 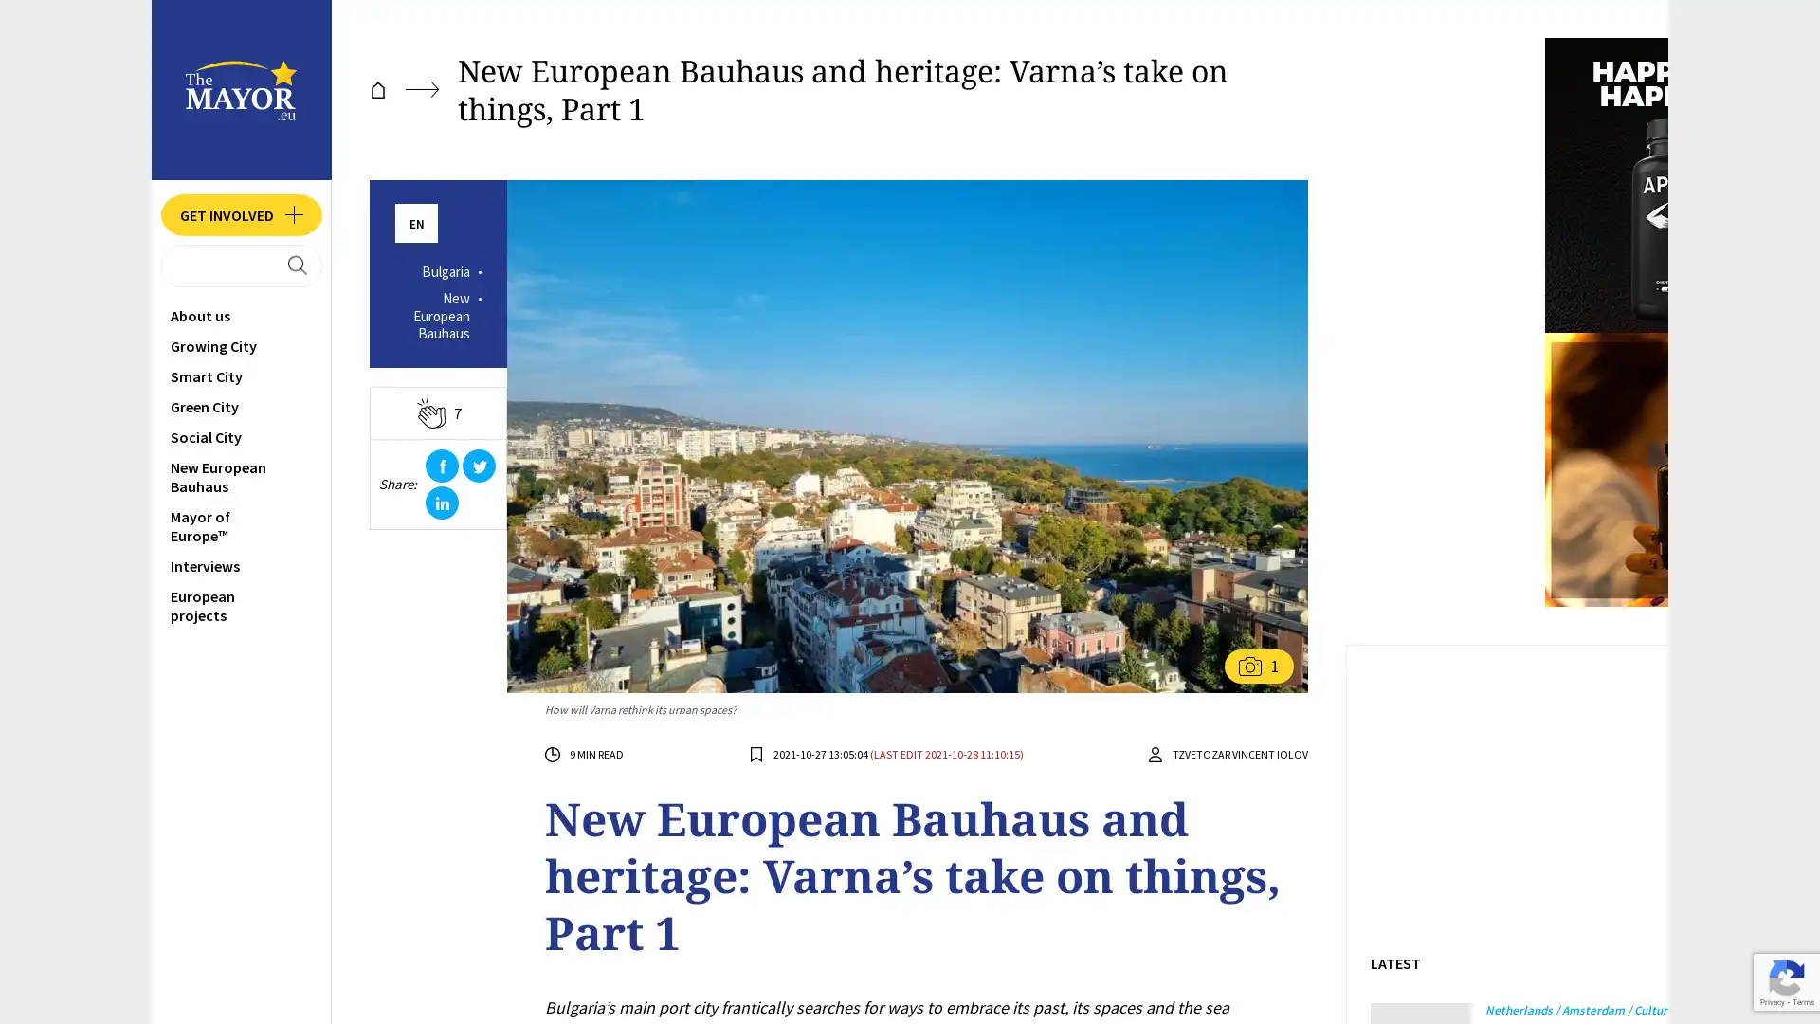 I want to click on menu close, so click(x=148, y=40).